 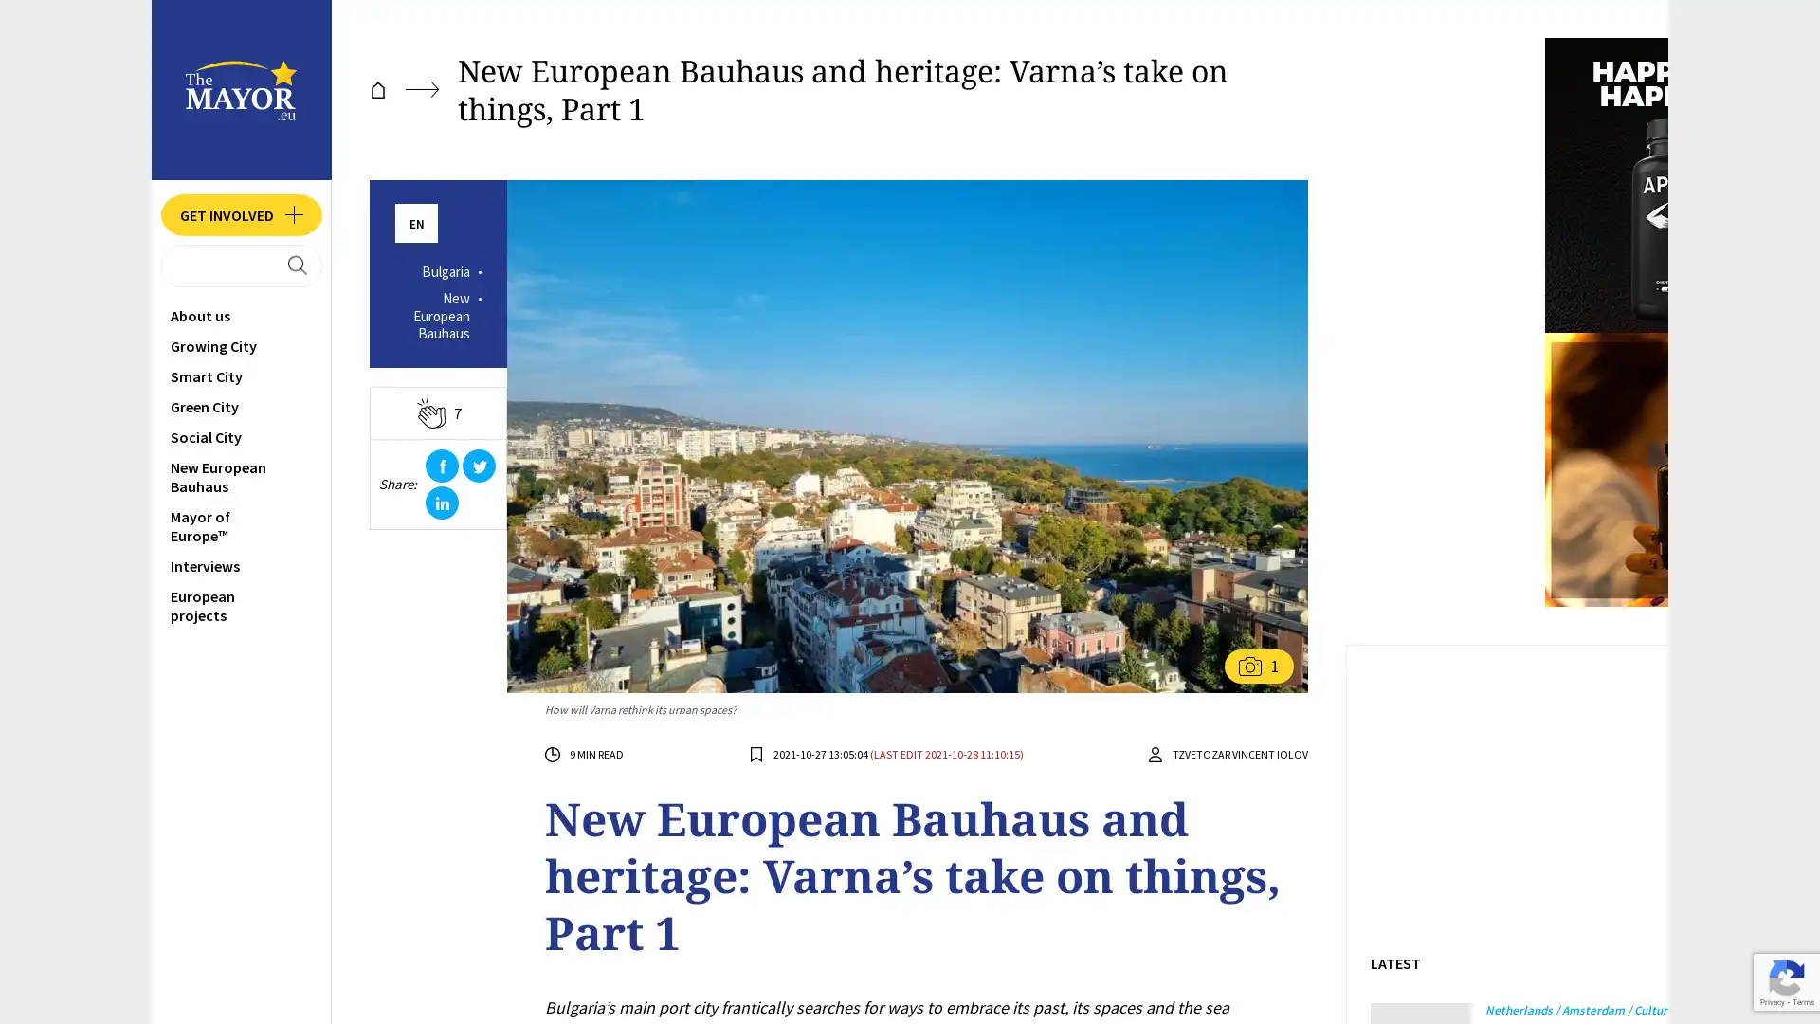 I want to click on menu close, so click(x=148, y=40).